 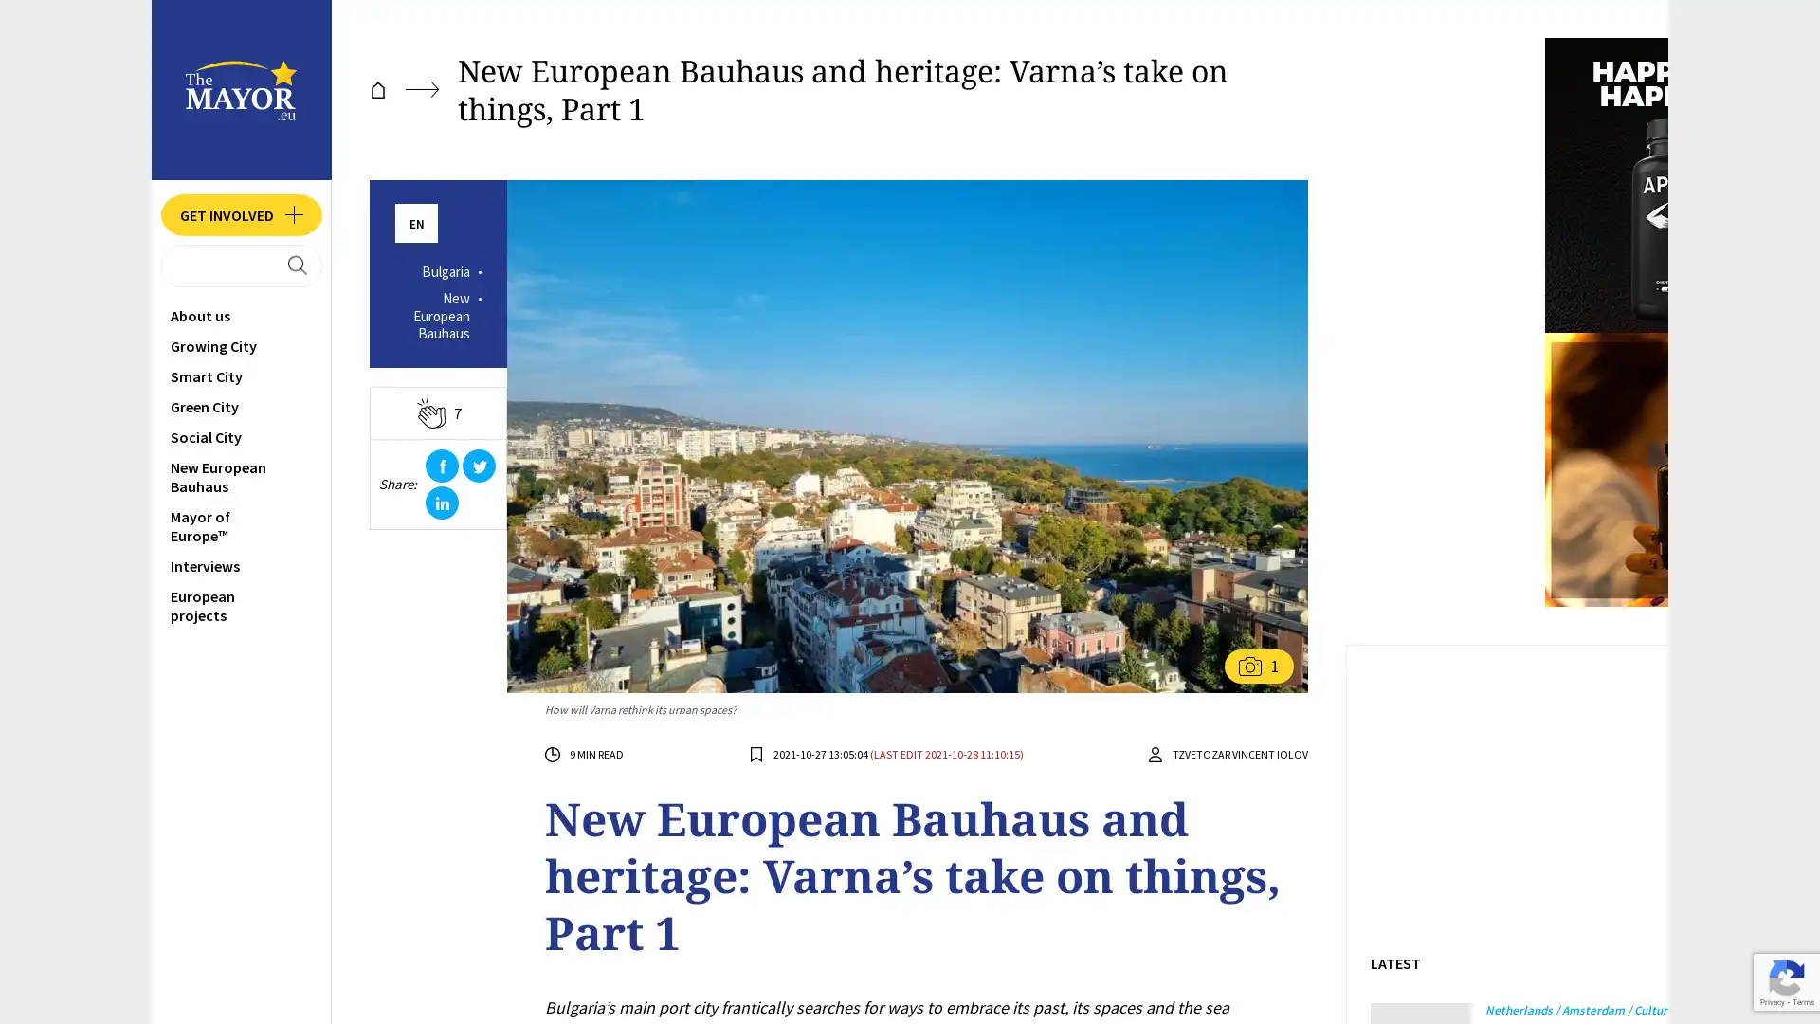 I want to click on menu close, so click(x=148, y=40).